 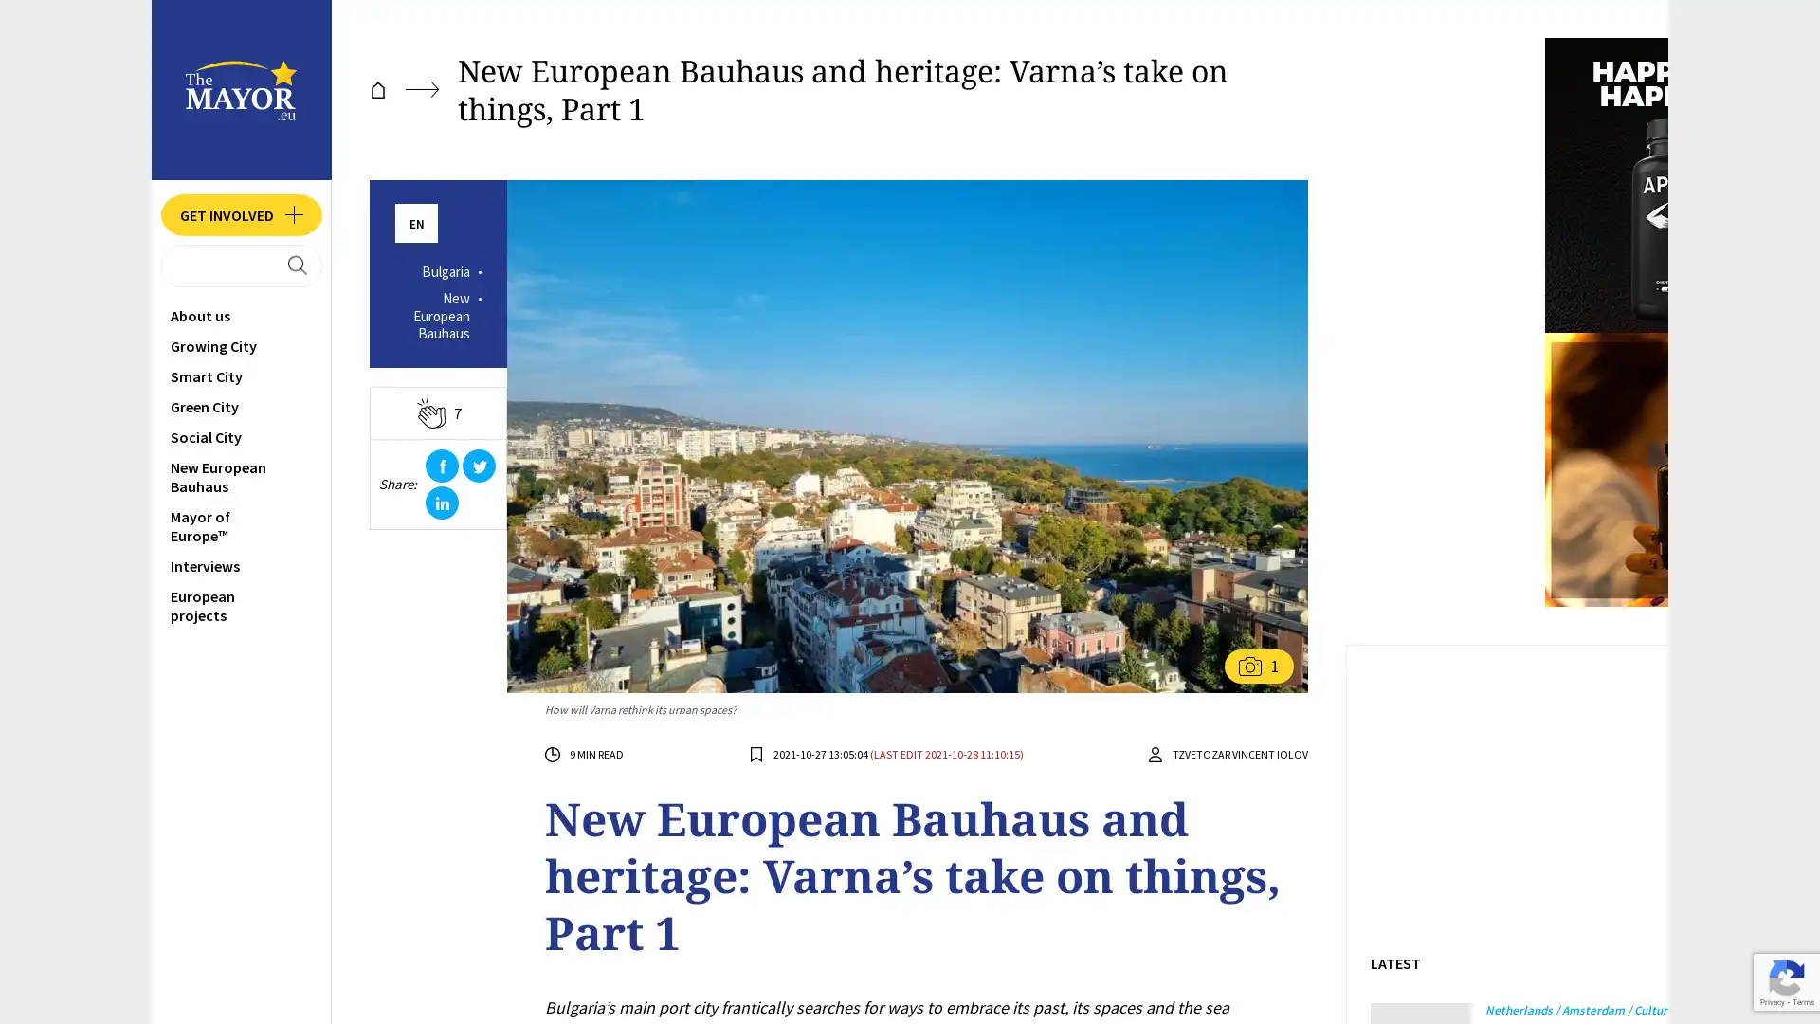 I want to click on menu close, so click(x=148, y=40).